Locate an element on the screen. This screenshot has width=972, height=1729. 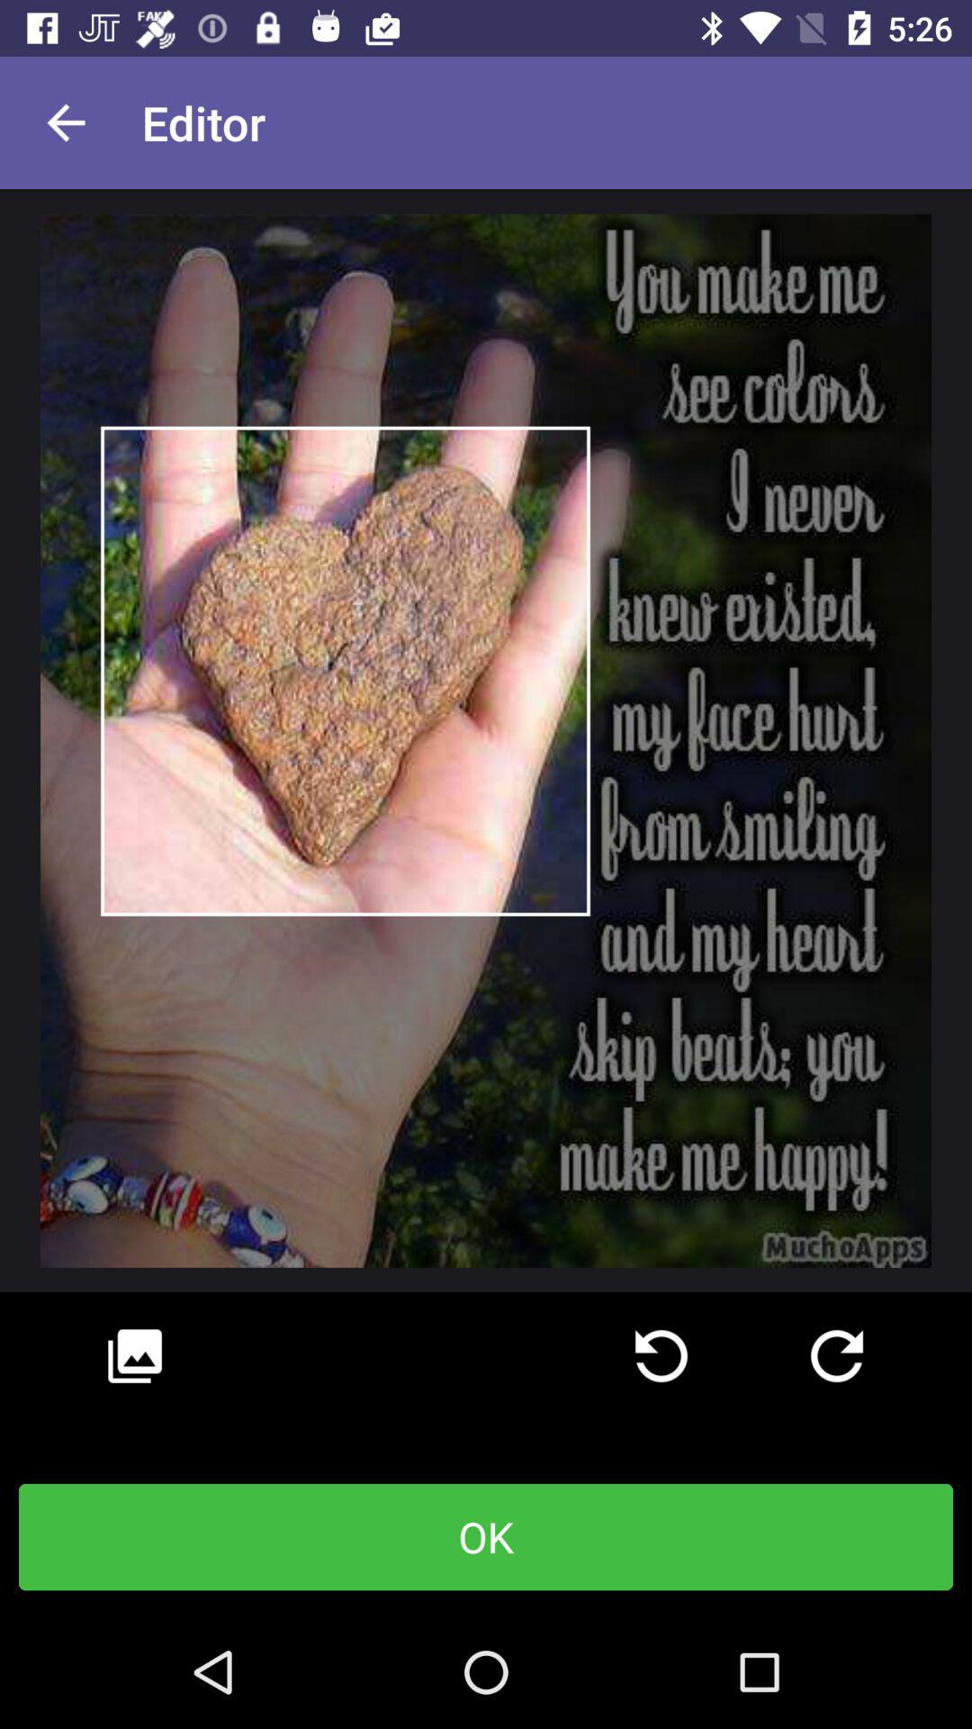
gallery option is located at coordinates (134, 1356).